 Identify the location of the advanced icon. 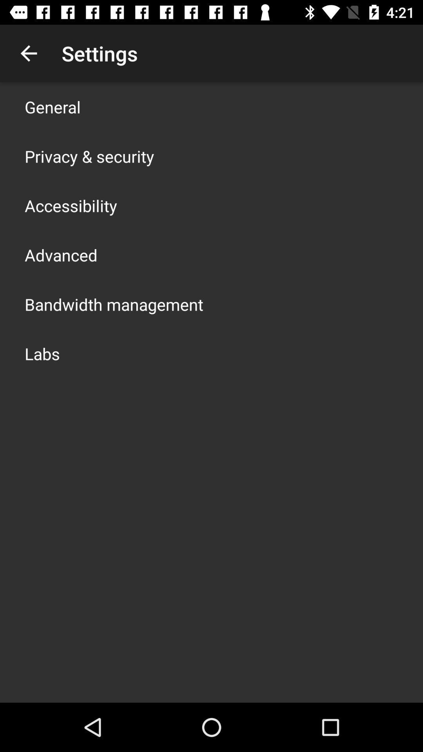
(60, 255).